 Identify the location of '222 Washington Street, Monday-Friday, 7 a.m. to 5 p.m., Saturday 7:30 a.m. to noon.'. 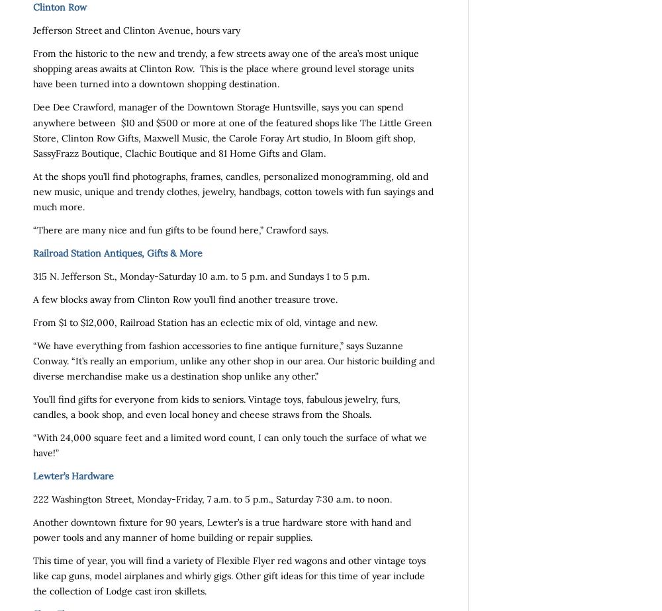
(212, 499).